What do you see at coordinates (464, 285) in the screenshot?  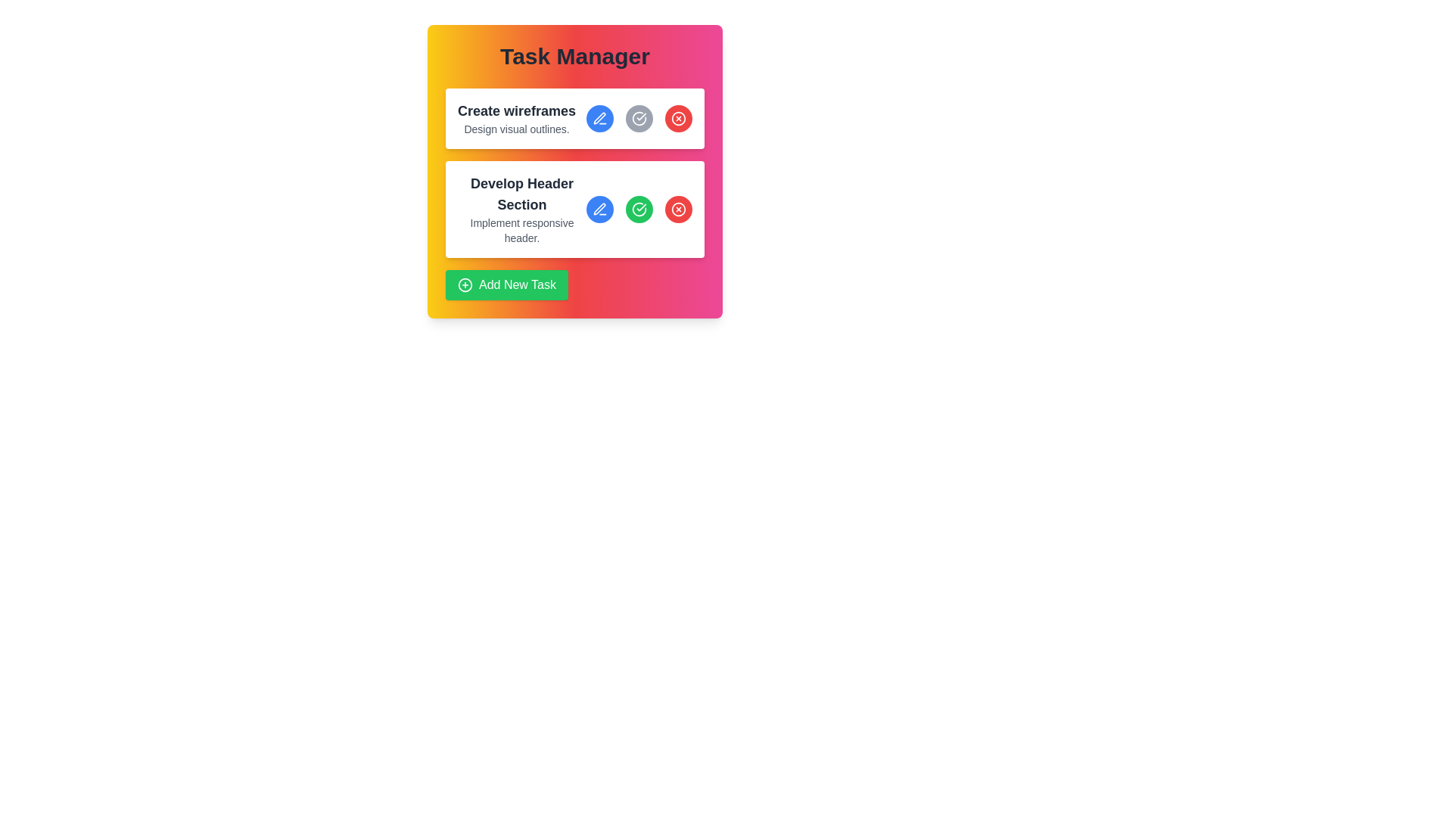 I see `the central circular shape of the 'Add New Task' button in the Task Manager section, which is represented as a circle within a plus symbol SVG icon` at bounding box center [464, 285].